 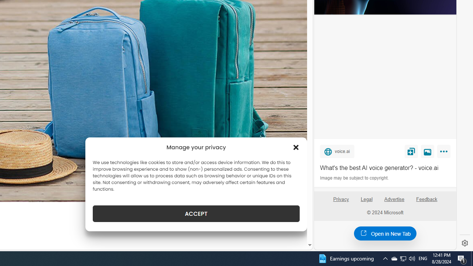 I want to click on 'Advertise', so click(x=394, y=202).